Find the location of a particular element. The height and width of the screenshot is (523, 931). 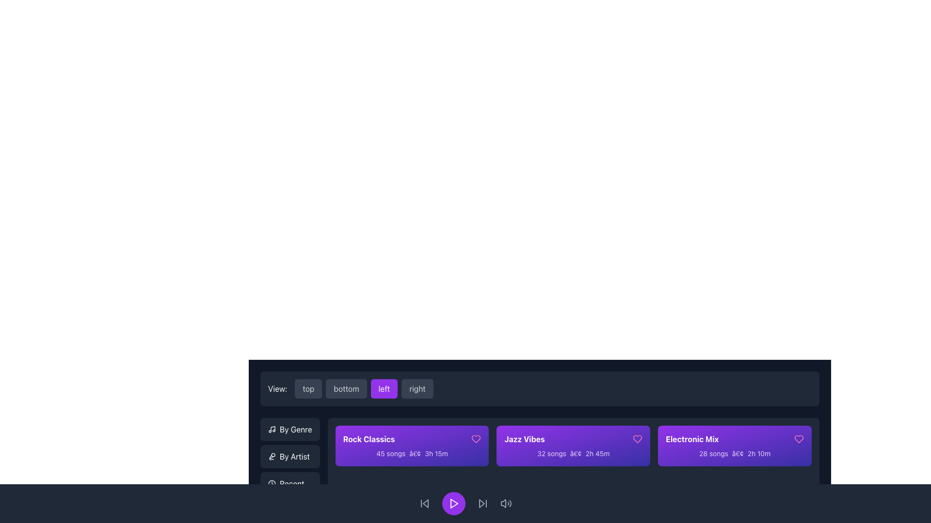

content displayed in the Text Display, which shows track information on the purple card labeled 'Jazz Vibes' is located at coordinates (573, 454).